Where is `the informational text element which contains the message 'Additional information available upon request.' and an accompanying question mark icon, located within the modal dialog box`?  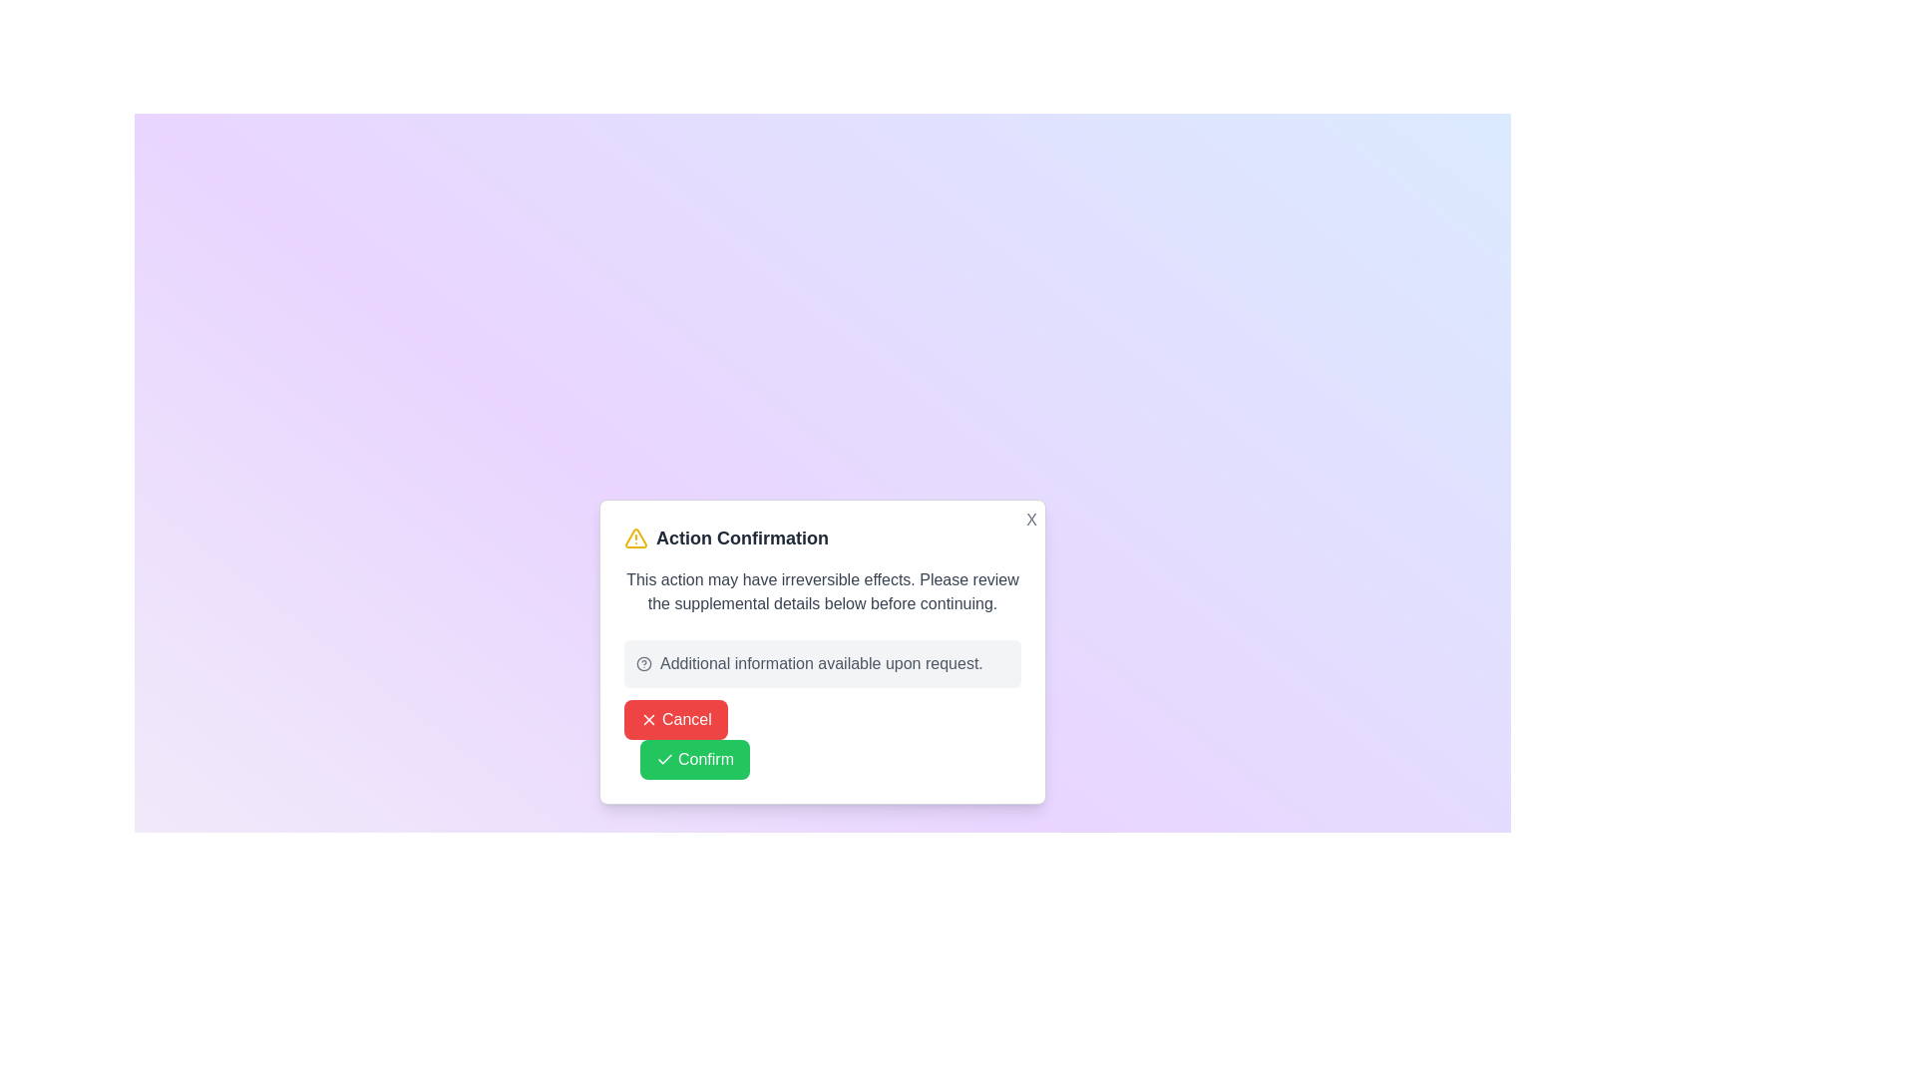
the informational text element which contains the message 'Additional information available upon request.' and an accompanying question mark icon, located within the modal dialog box is located at coordinates (823, 664).